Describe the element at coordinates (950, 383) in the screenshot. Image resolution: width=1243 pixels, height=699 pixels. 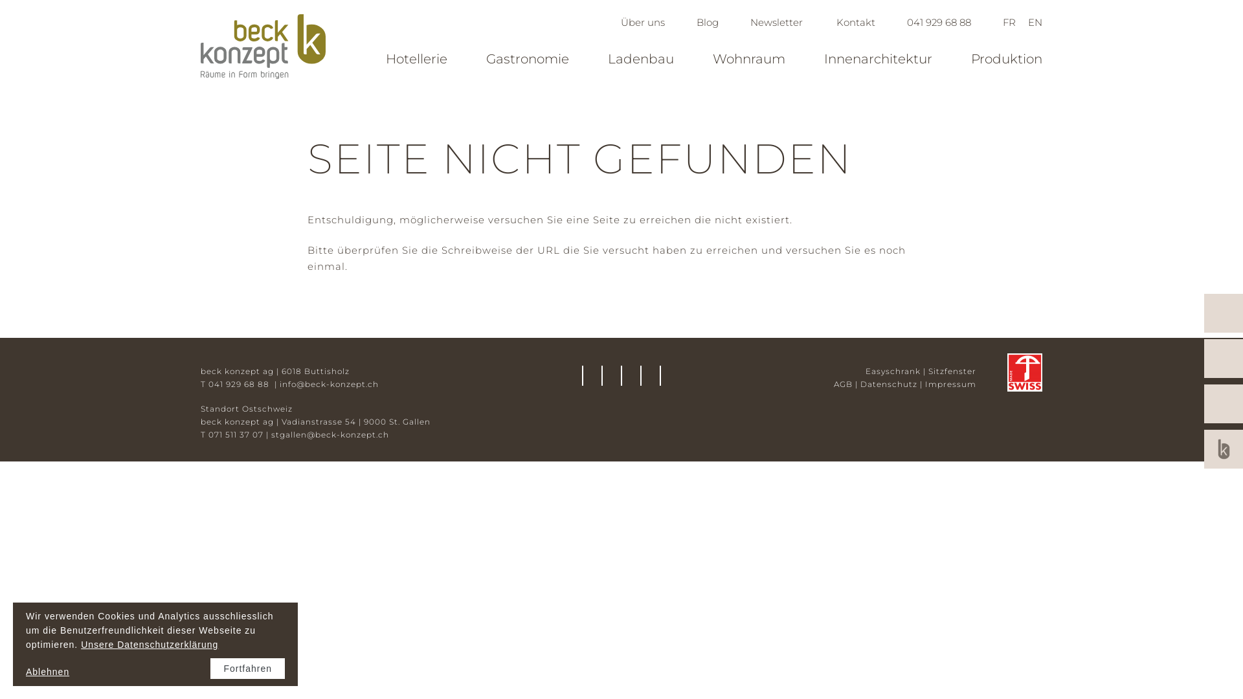
I see `'Impressum'` at that location.